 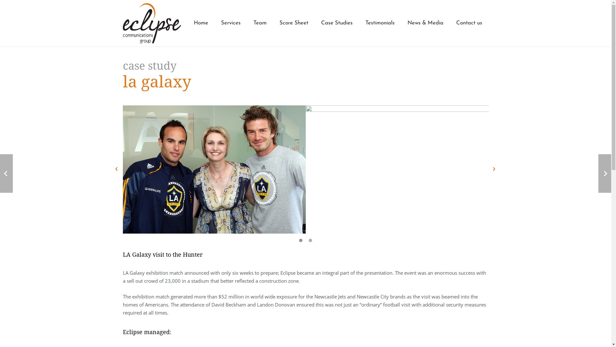 What do you see at coordinates (293, 23) in the screenshot?
I see `'Score Sheet'` at bounding box center [293, 23].